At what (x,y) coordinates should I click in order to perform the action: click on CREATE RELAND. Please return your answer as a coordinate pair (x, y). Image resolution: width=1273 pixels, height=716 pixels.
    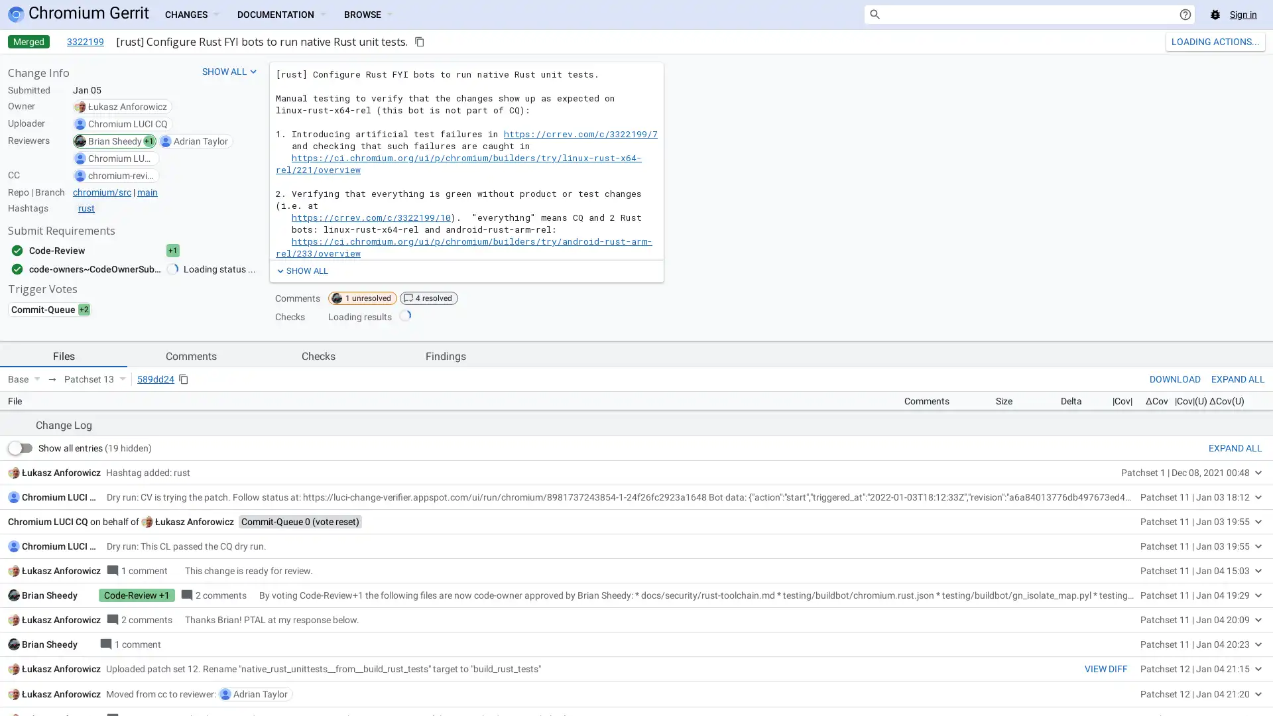
    Looking at the image, I should click on (1203, 40).